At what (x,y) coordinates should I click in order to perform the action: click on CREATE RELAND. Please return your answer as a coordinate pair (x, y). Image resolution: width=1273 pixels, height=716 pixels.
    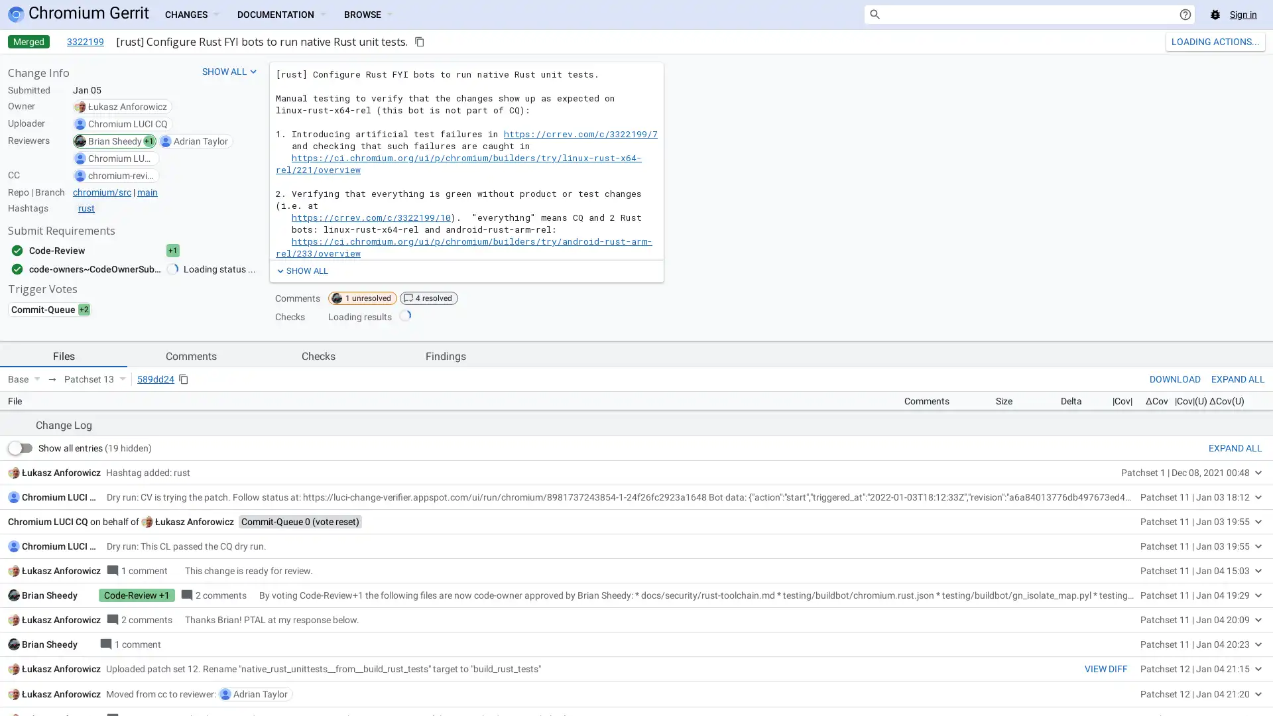
    Looking at the image, I should click on (1203, 40).